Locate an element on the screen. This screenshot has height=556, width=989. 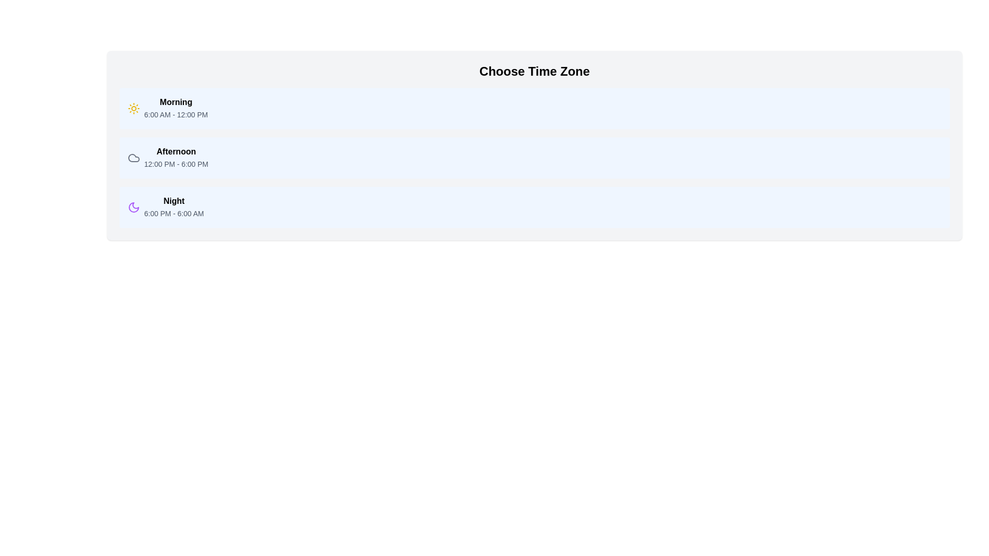
the visual representation of the 'Night' icon located to the left of the 'Night' label in the time-of-day selection list, which aligns vertically with '6:00 PM - 6:00 AM' is located at coordinates (133, 207).